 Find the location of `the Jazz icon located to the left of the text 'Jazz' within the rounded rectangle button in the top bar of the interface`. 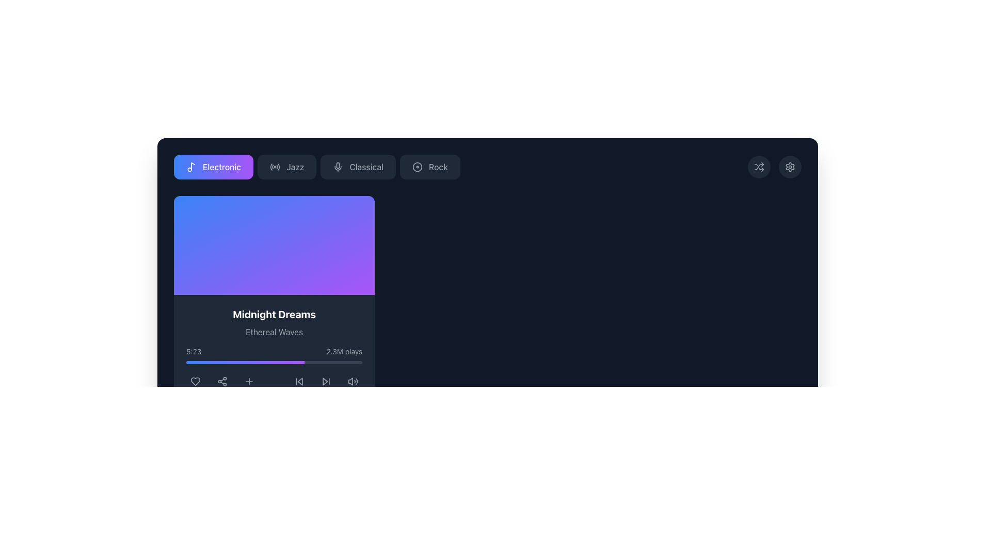

the Jazz icon located to the left of the text 'Jazz' within the rounded rectangle button in the top bar of the interface is located at coordinates (275, 167).